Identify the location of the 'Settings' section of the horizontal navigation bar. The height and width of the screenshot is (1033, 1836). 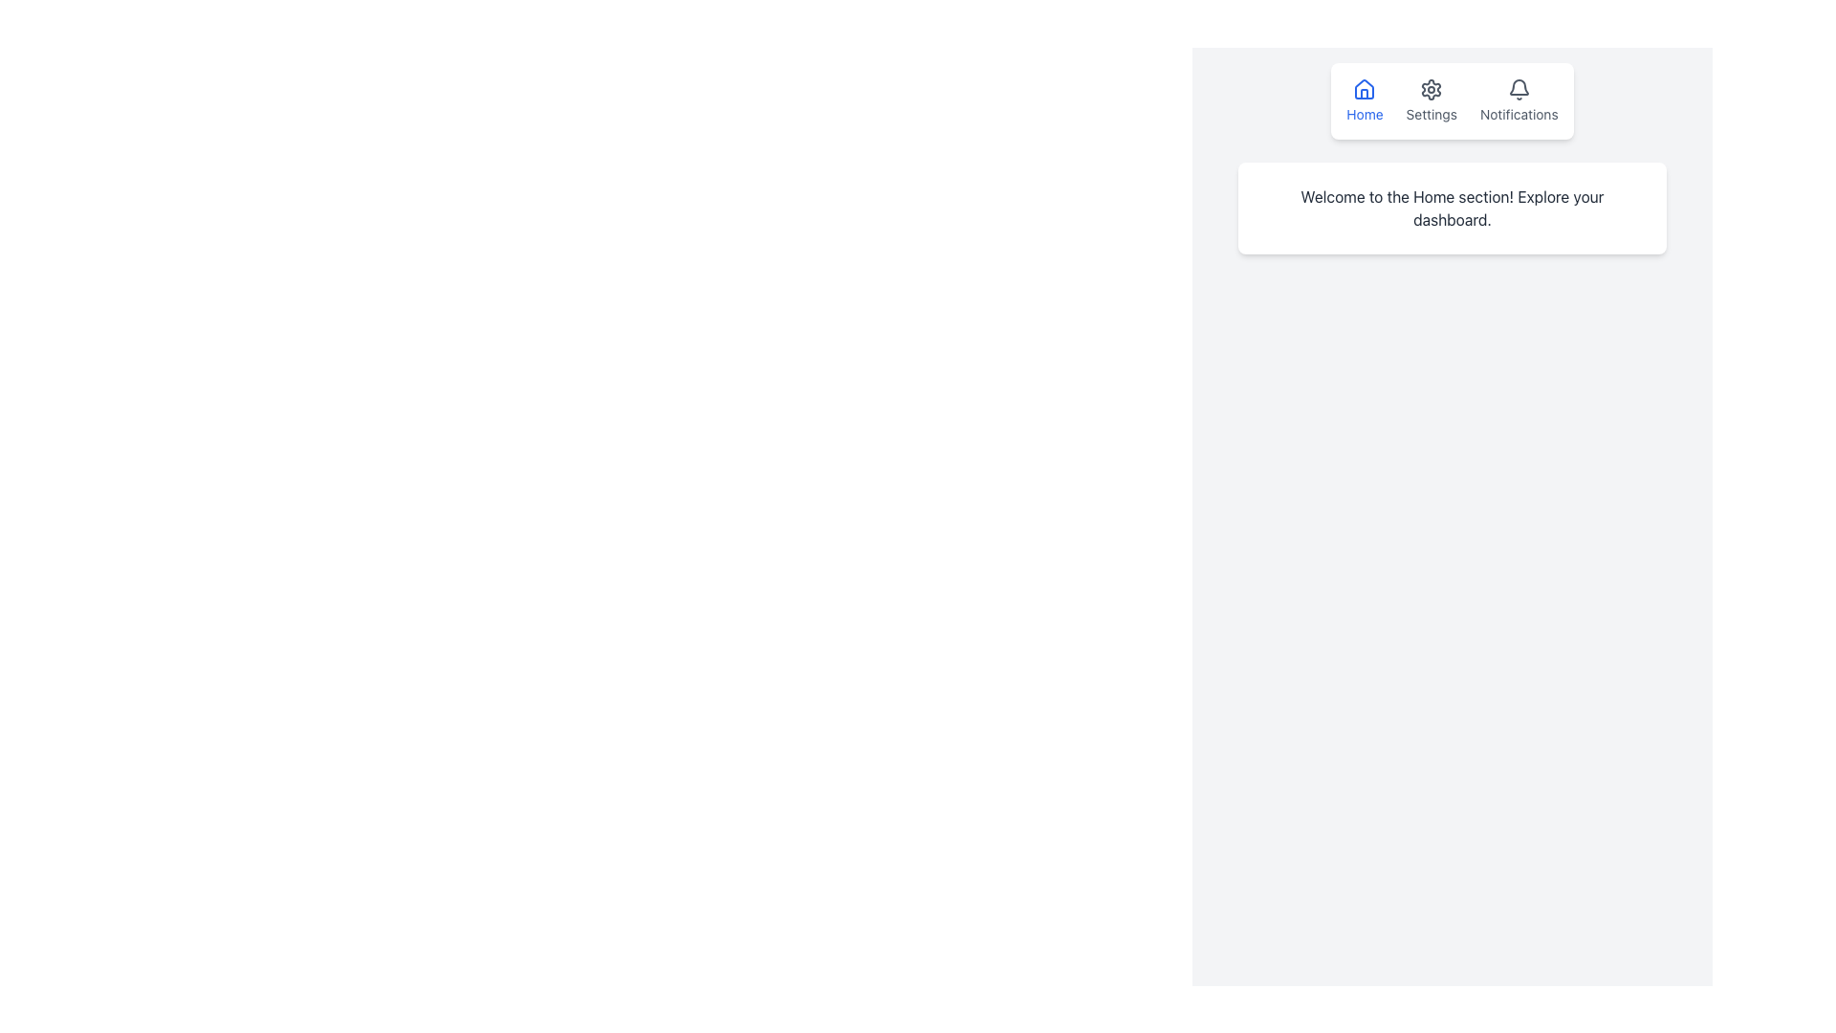
(1452, 100).